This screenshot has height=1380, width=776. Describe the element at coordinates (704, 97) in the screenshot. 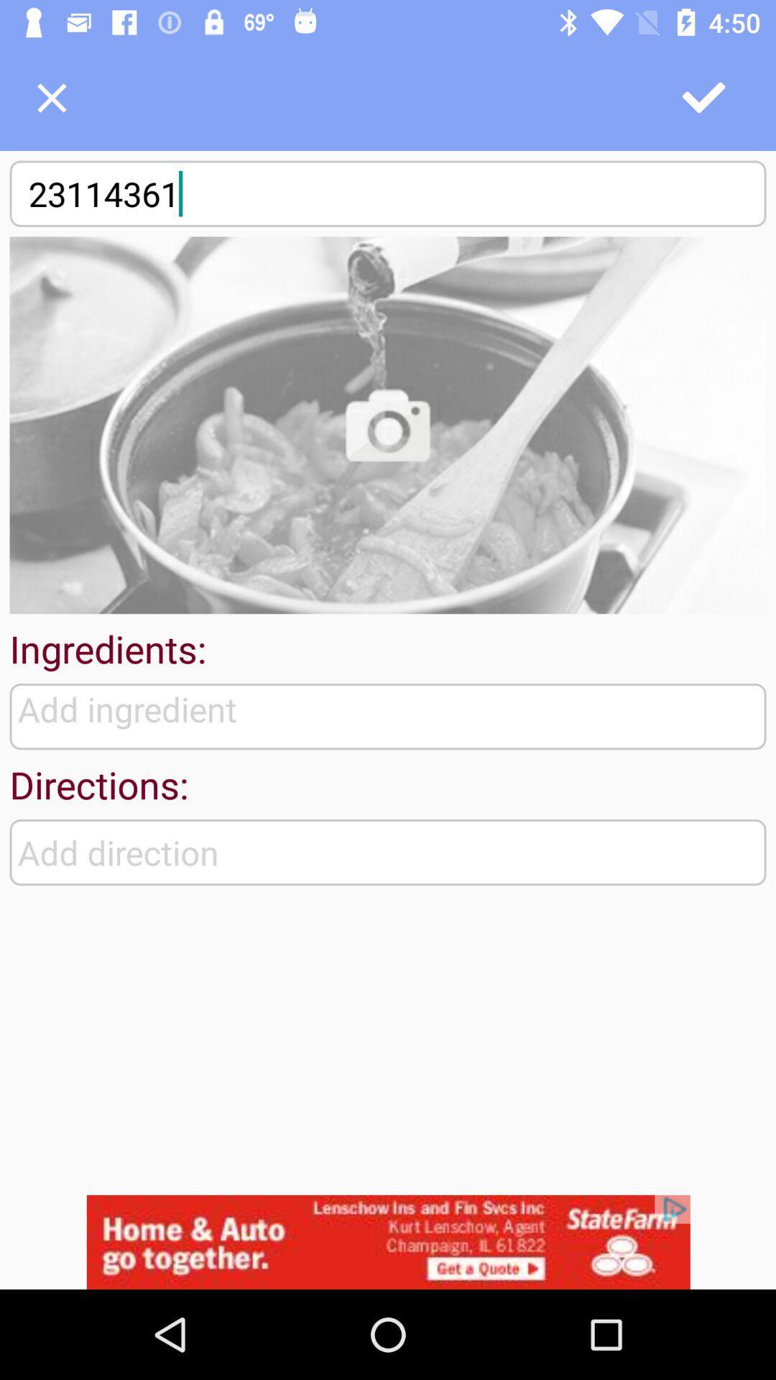

I see `post` at that location.